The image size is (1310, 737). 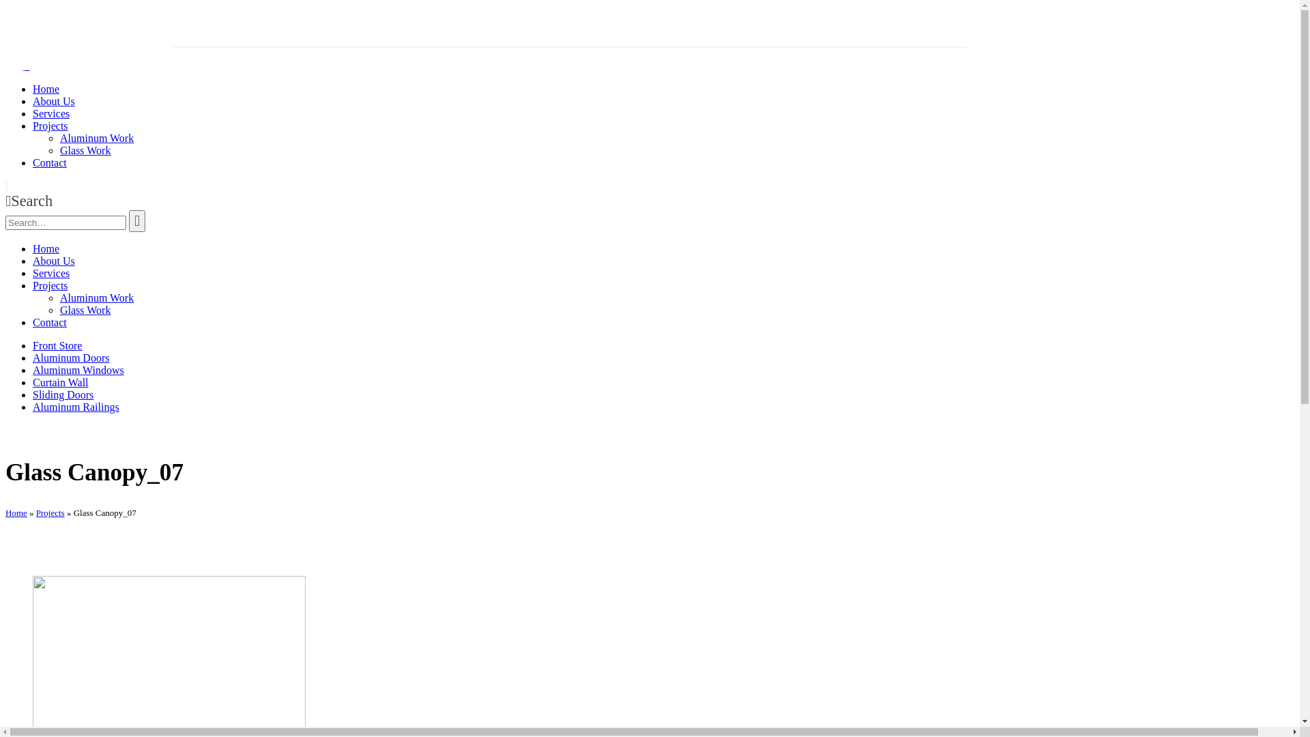 What do you see at coordinates (62, 394) in the screenshot?
I see `'Sliding Doors'` at bounding box center [62, 394].